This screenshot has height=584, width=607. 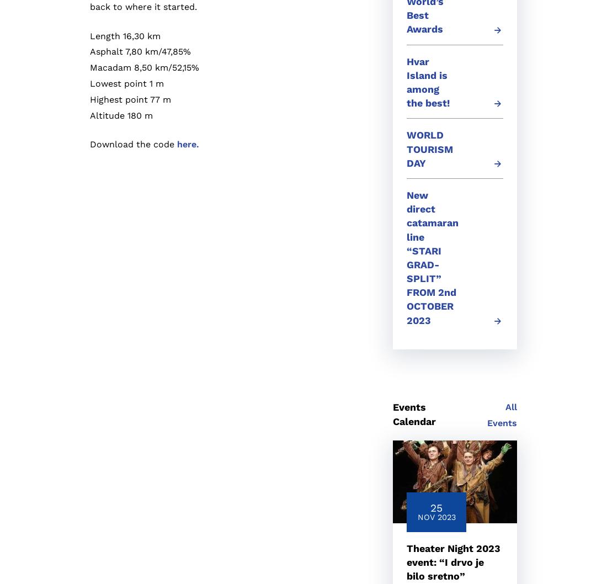 I want to click on 'here.', so click(x=187, y=144).